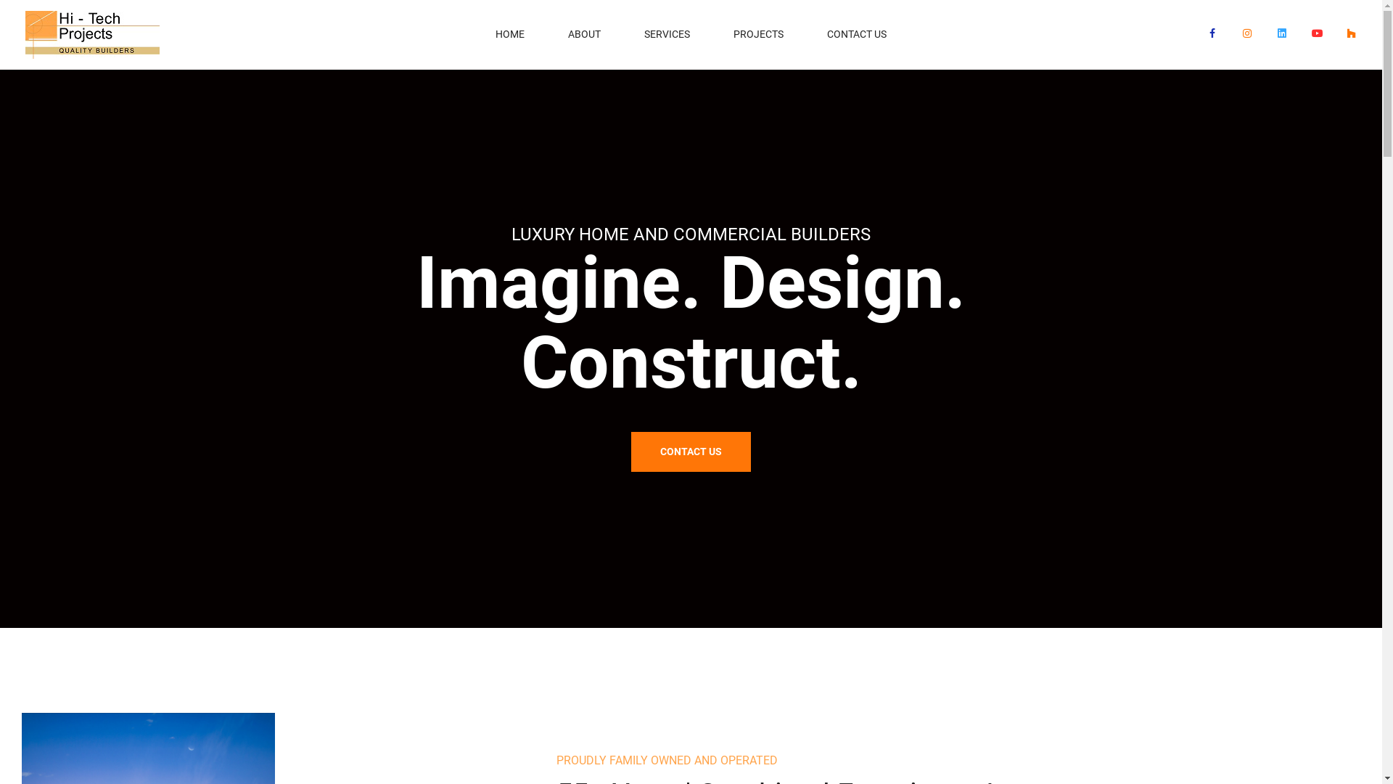 The image size is (1393, 784). What do you see at coordinates (666, 33) in the screenshot?
I see `'SERVICES'` at bounding box center [666, 33].